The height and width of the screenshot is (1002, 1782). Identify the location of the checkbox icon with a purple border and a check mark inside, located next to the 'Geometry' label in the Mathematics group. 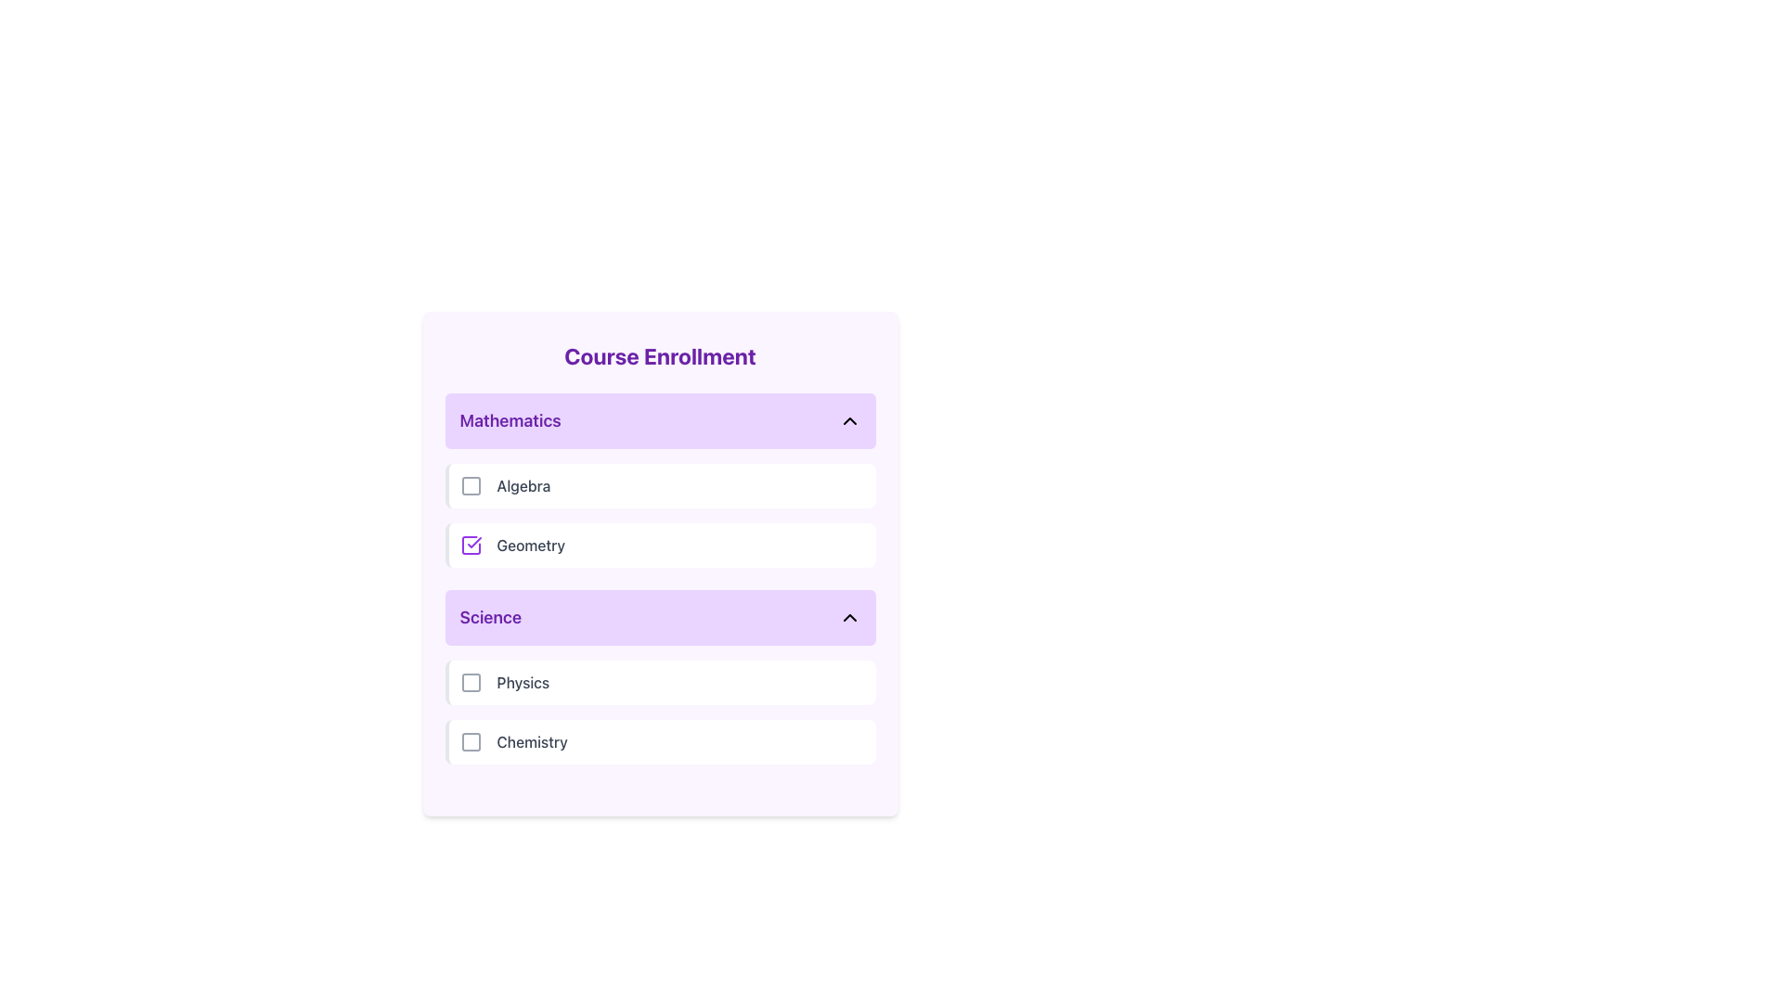
(471, 544).